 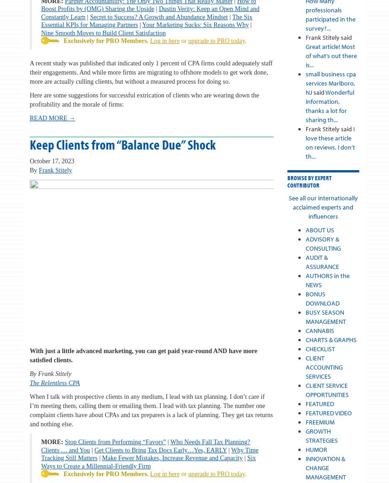 What do you see at coordinates (305, 412) in the screenshot?
I see `'FEATURED VIDEO'` at bounding box center [305, 412].